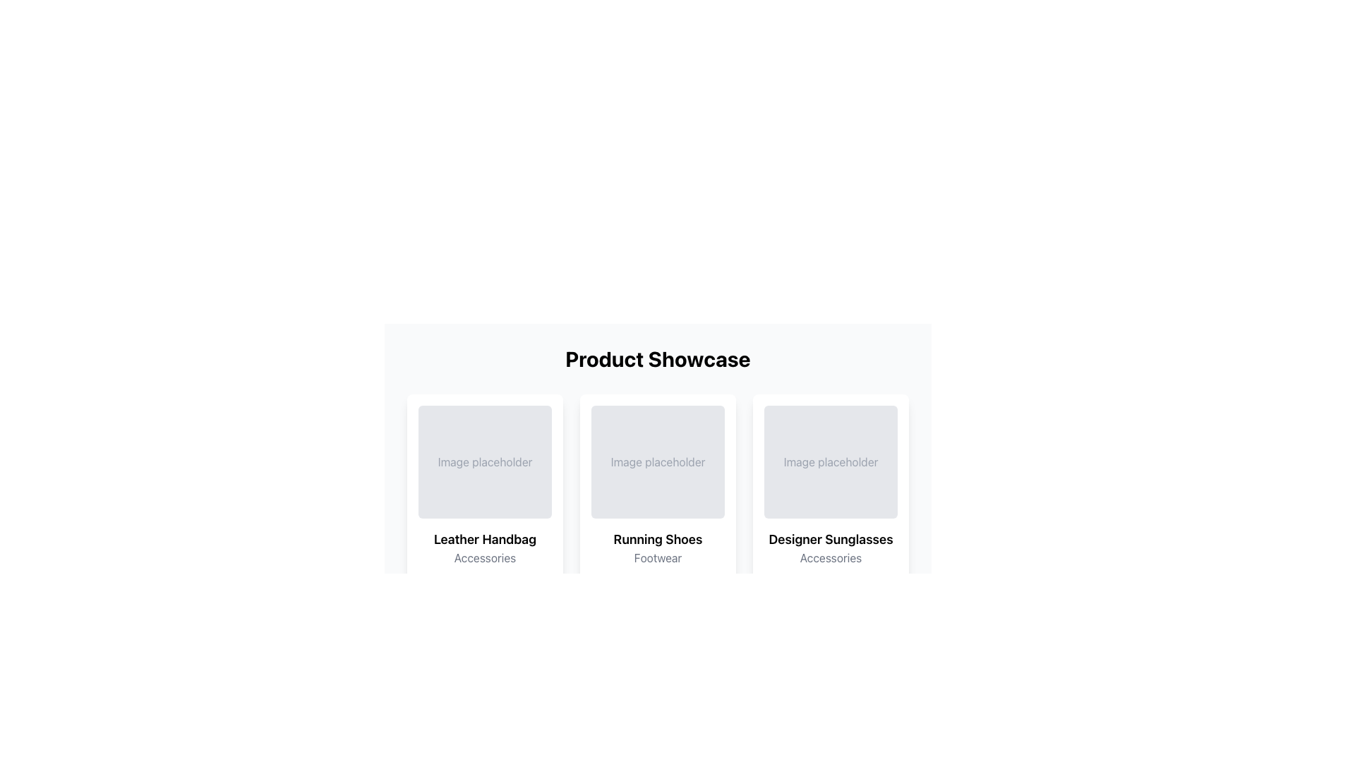 The height and width of the screenshot is (762, 1355). What do you see at coordinates (657, 539) in the screenshot?
I see `the text label that serves as the title for the product in the middle card of the displayed product cards` at bounding box center [657, 539].